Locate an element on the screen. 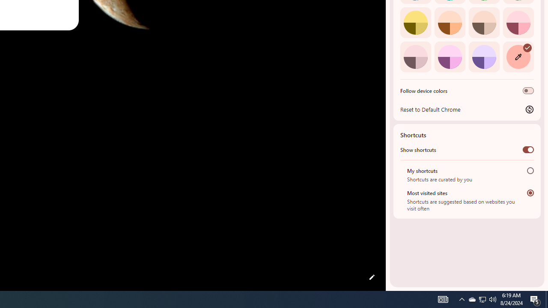 The image size is (548, 308). 'Show shortcuts' is located at coordinates (527, 149).